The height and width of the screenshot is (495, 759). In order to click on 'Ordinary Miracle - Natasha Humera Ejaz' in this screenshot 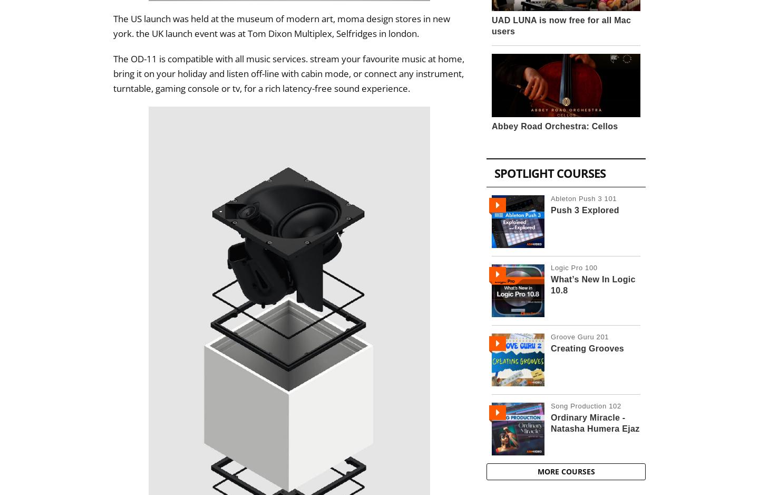, I will do `click(594, 422)`.